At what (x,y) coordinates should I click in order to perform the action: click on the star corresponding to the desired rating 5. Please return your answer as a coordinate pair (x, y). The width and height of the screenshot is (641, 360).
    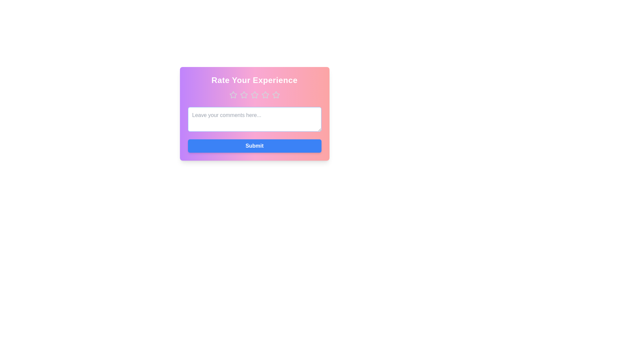
    Looking at the image, I should click on (276, 95).